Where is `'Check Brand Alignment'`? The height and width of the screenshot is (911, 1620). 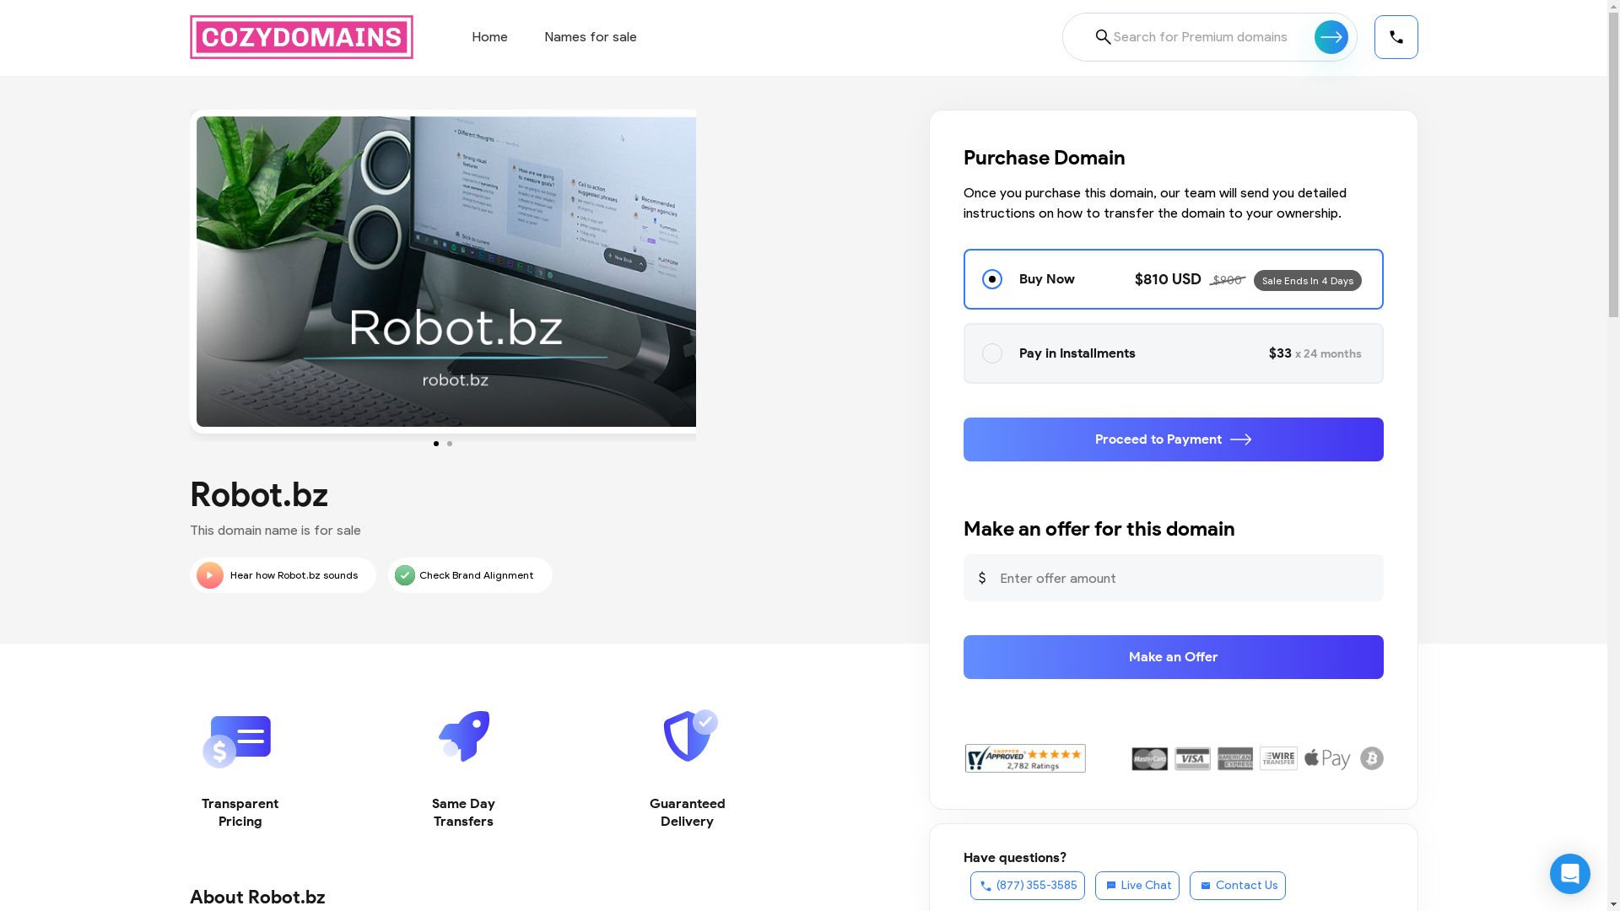
'Check Brand Alignment' is located at coordinates (470, 574).